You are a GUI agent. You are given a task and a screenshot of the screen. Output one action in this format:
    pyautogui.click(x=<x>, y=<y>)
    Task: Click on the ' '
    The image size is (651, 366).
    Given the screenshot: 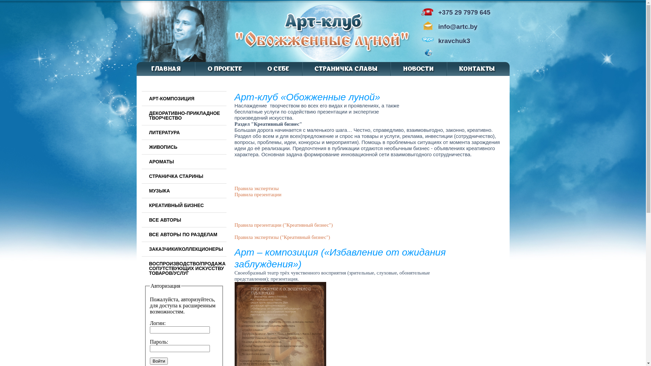 What is the action you would take?
    pyautogui.click(x=442, y=54)
    